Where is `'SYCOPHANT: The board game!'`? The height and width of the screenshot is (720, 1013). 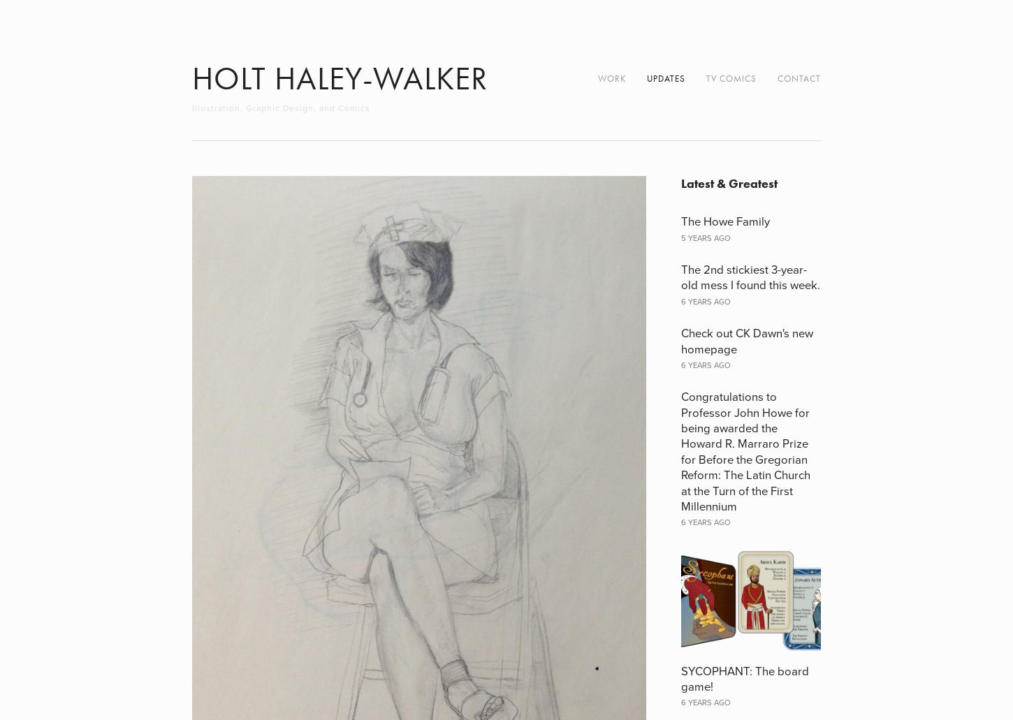
'SYCOPHANT: The board game!' is located at coordinates (745, 678).